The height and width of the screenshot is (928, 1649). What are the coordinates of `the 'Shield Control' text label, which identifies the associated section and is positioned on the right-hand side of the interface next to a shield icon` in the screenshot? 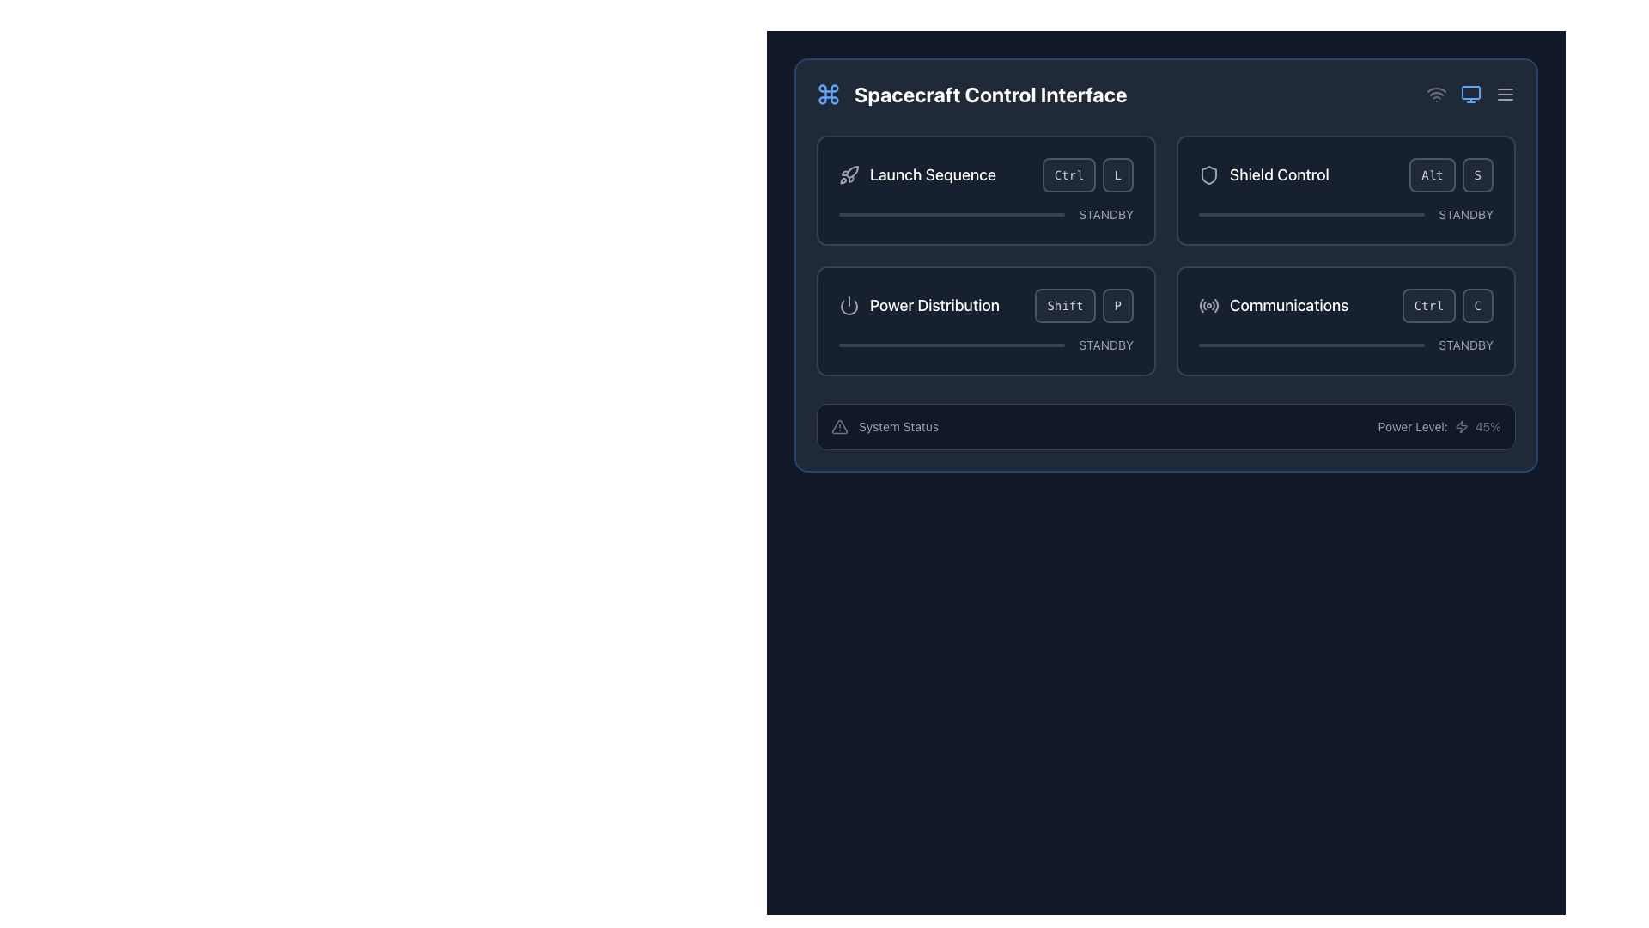 It's located at (1279, 175).